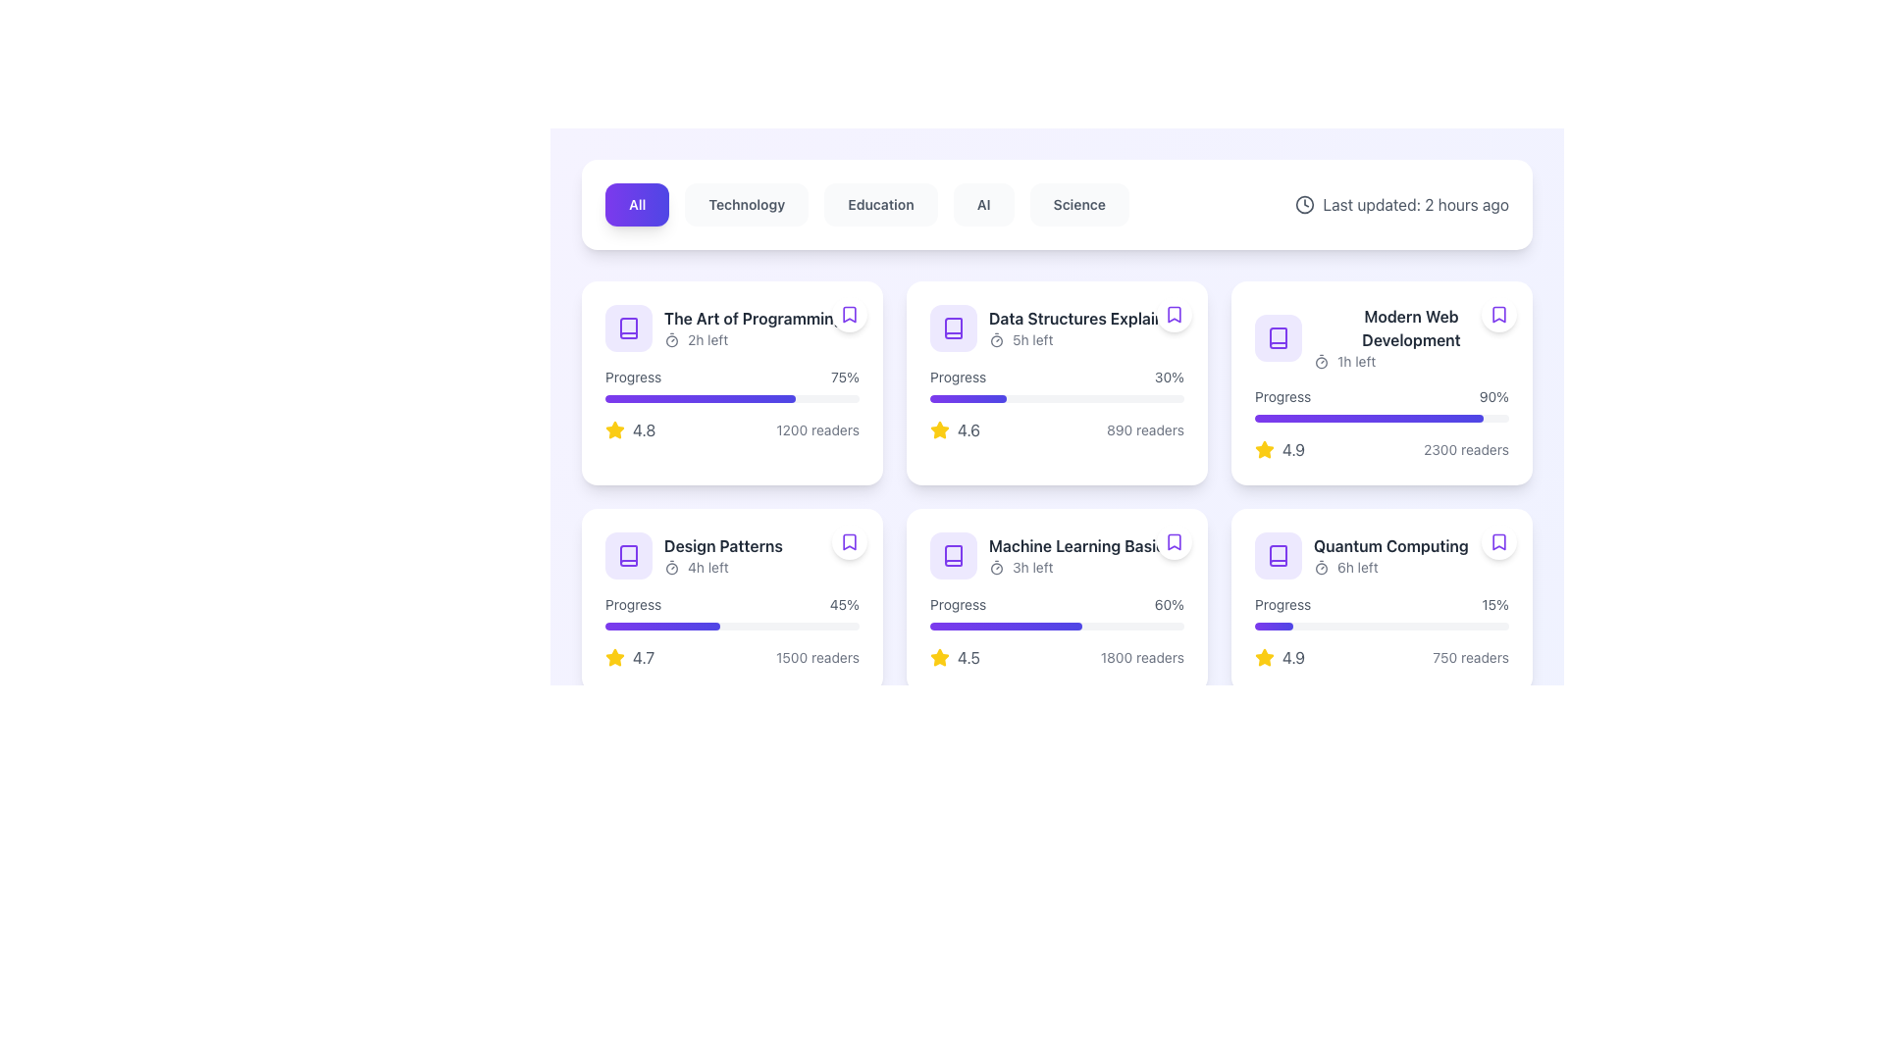 The width and height of the screenshot is (1884, 1059). What do you see at coordinates (1322, 567) in the screenshot?
I see `the Timer icon located at the bottom right of the 'Quantum Computing' item card, which is positioned to the left of the text '6h left'` at bounding box center [1322, 567].